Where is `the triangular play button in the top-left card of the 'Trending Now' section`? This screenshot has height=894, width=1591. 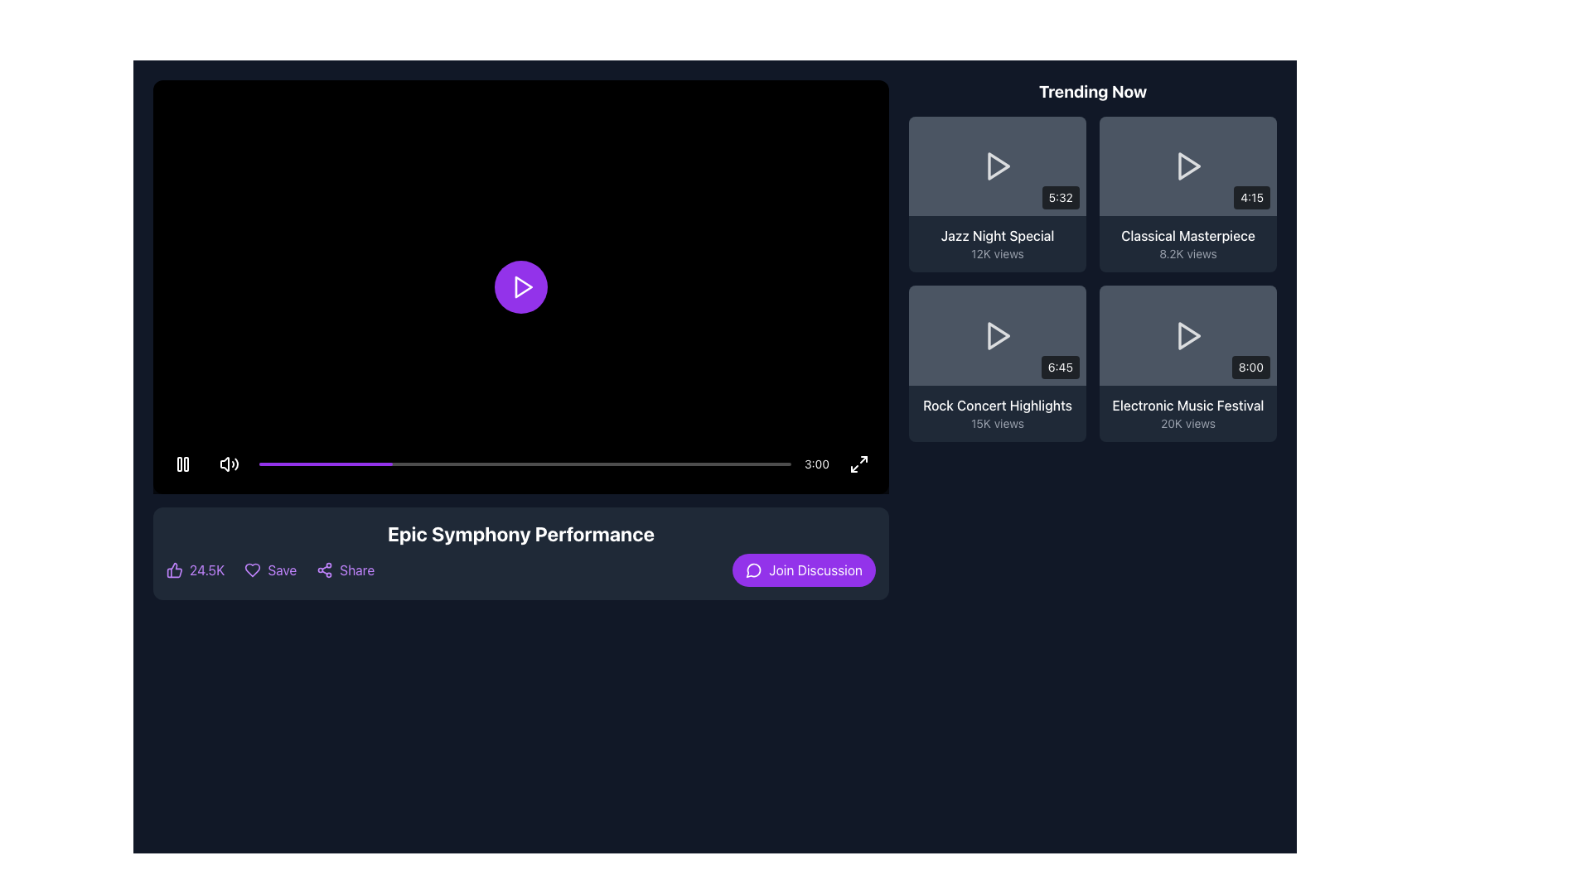
the triangular play button in the top-left card of the 'Trending Now' section is located at coordinates (998, 166).